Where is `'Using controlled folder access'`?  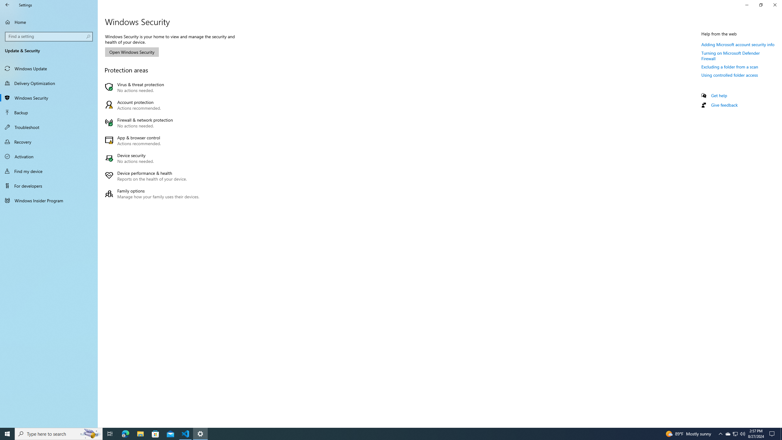 'Using controlled folder access' is located at coordinates (729, 75).